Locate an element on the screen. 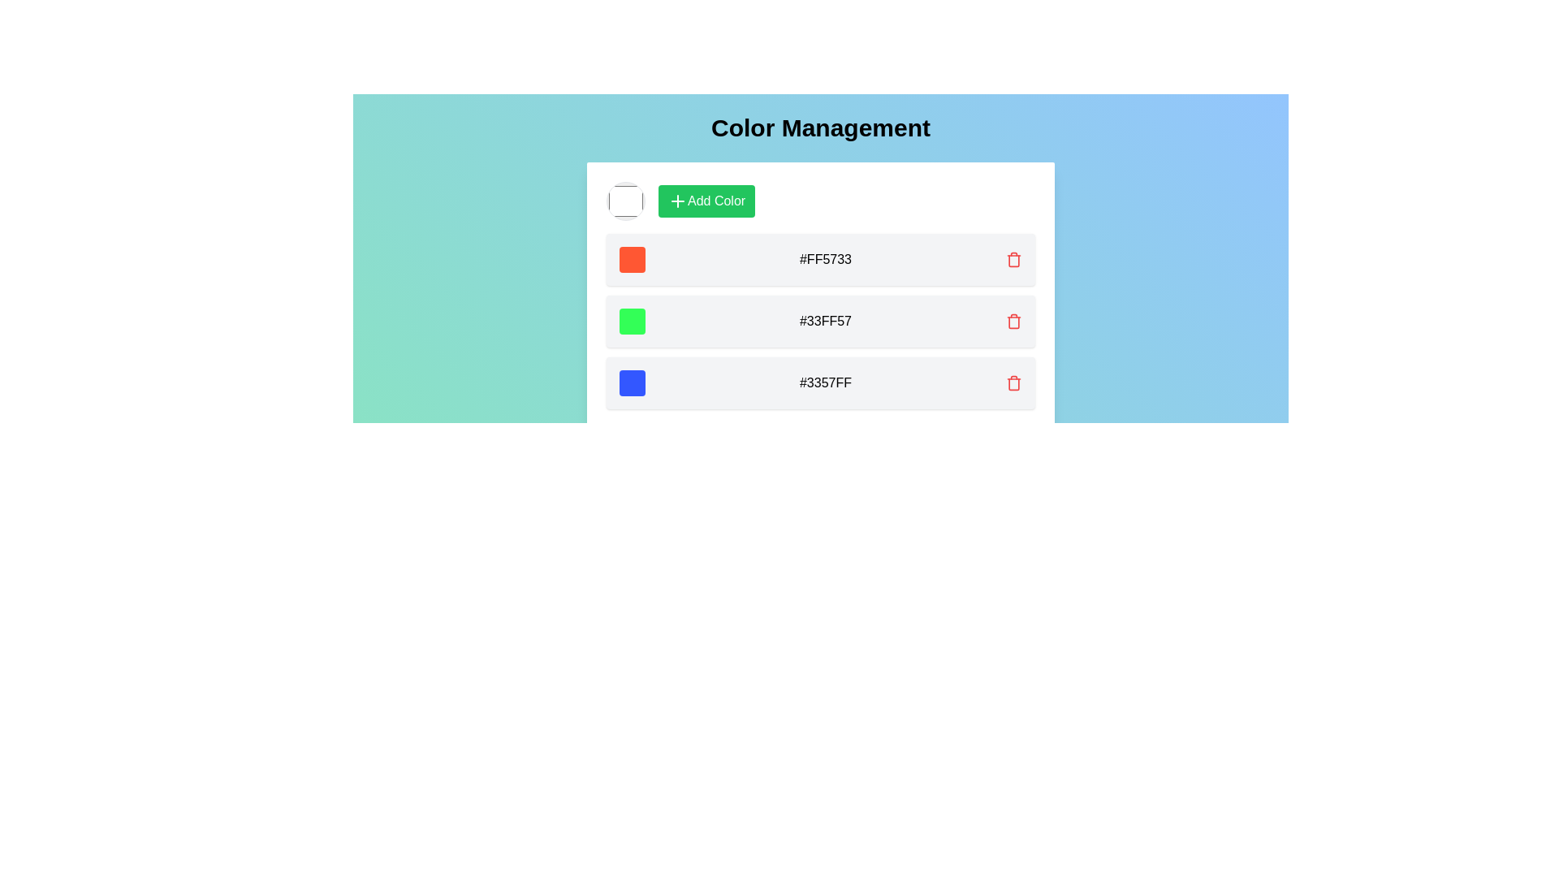 This screenshot has width=1559, height=877. the delete button (icon button) located to the far right of the first item row labeled '#FF5733', which is used to remove the corresponding color entry from the list is located at coordinates (1013, 259).